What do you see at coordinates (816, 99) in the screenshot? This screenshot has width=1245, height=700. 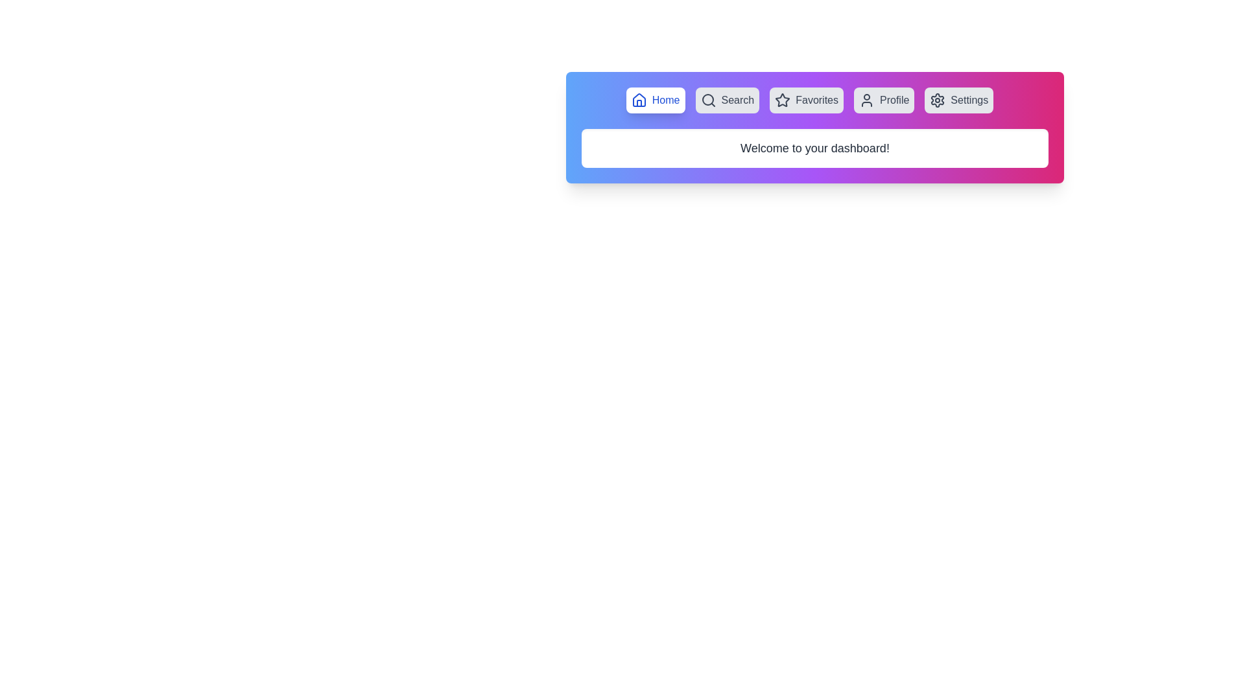 I see `the 'Favorites' text label located in the navigation bar for tooltips` at bounding box center [816, 99].